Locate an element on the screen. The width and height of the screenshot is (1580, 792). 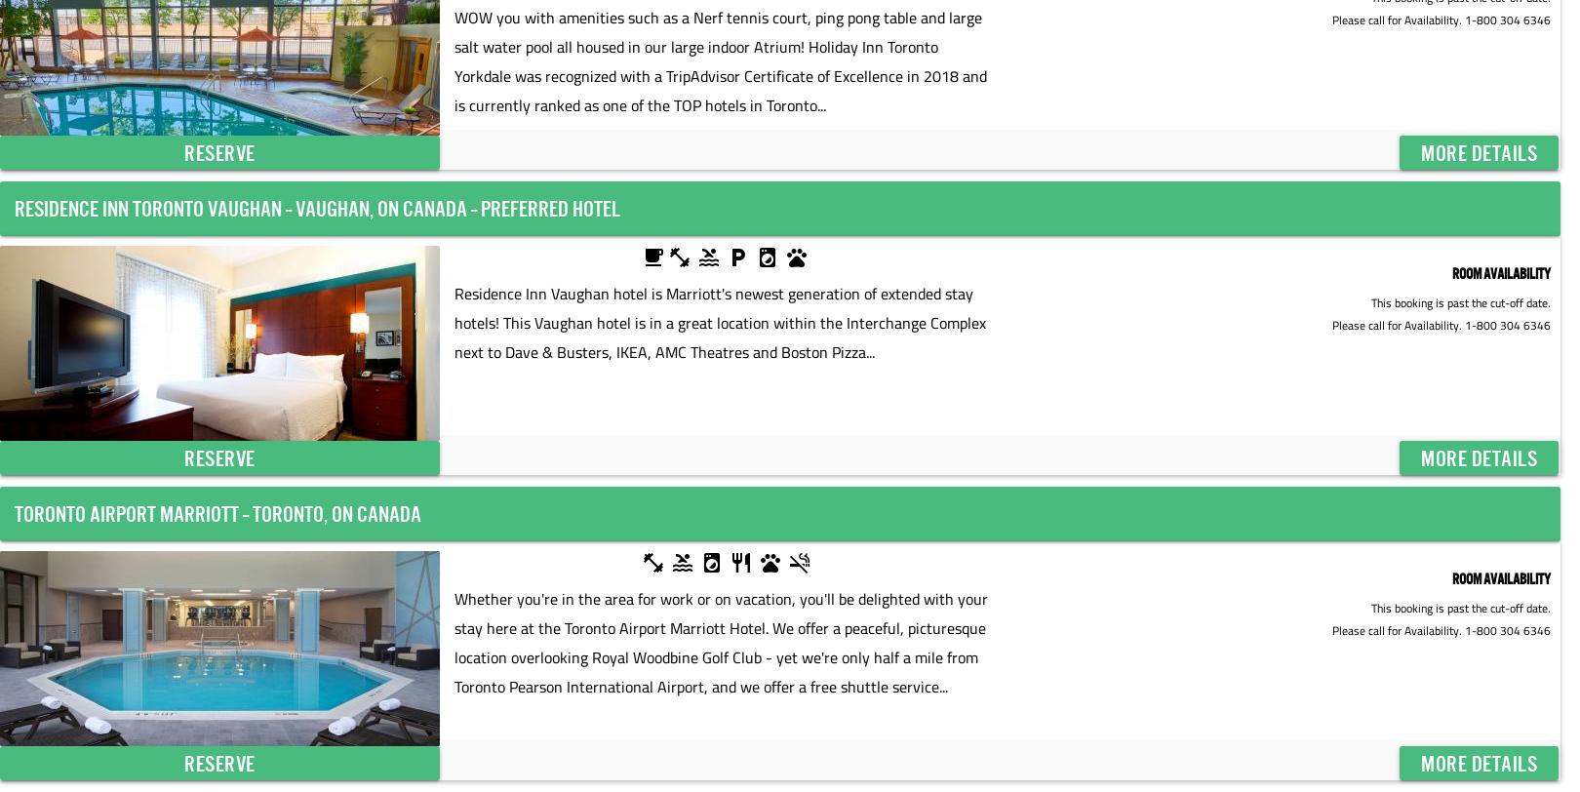
'Hot Breakfast' is located at coordinates (727, 259).